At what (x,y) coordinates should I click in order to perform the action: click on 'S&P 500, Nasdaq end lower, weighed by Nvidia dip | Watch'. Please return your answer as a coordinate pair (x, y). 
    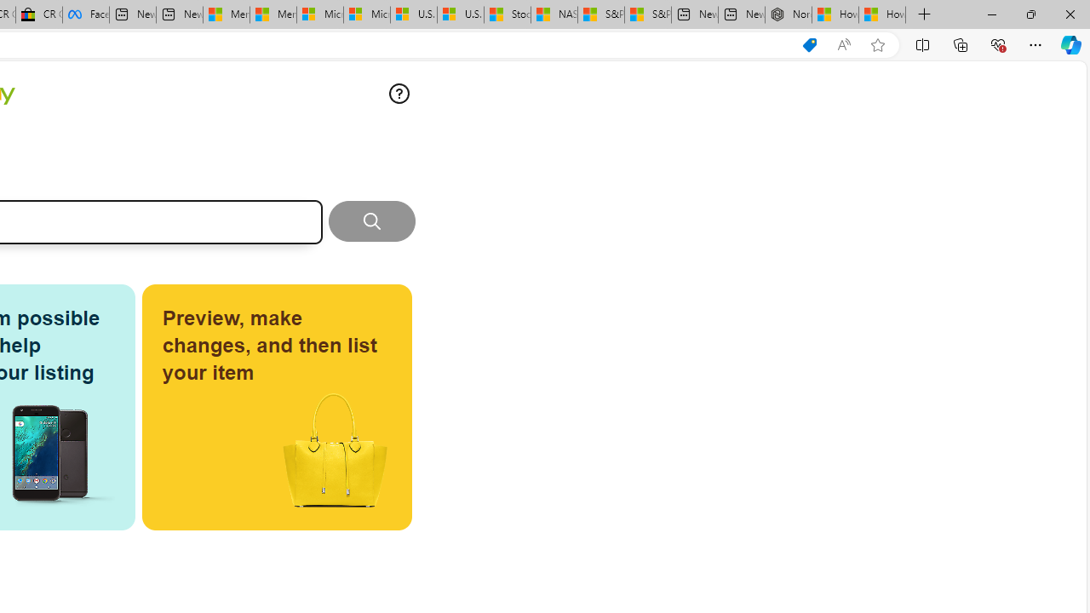
    Looking at the image, I should click on (646, 14).